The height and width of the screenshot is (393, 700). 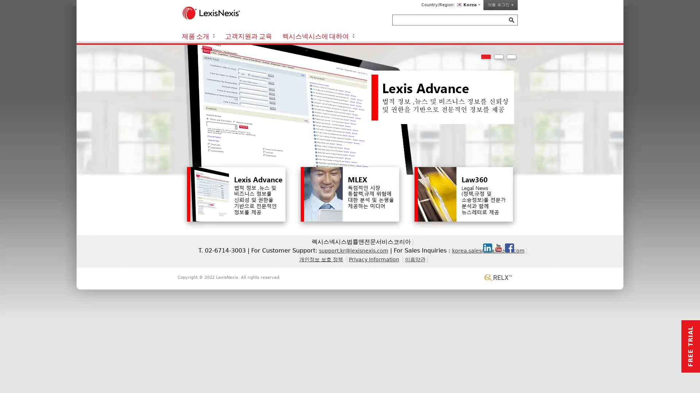 I want to click on Search, so click(x=511, y=20).